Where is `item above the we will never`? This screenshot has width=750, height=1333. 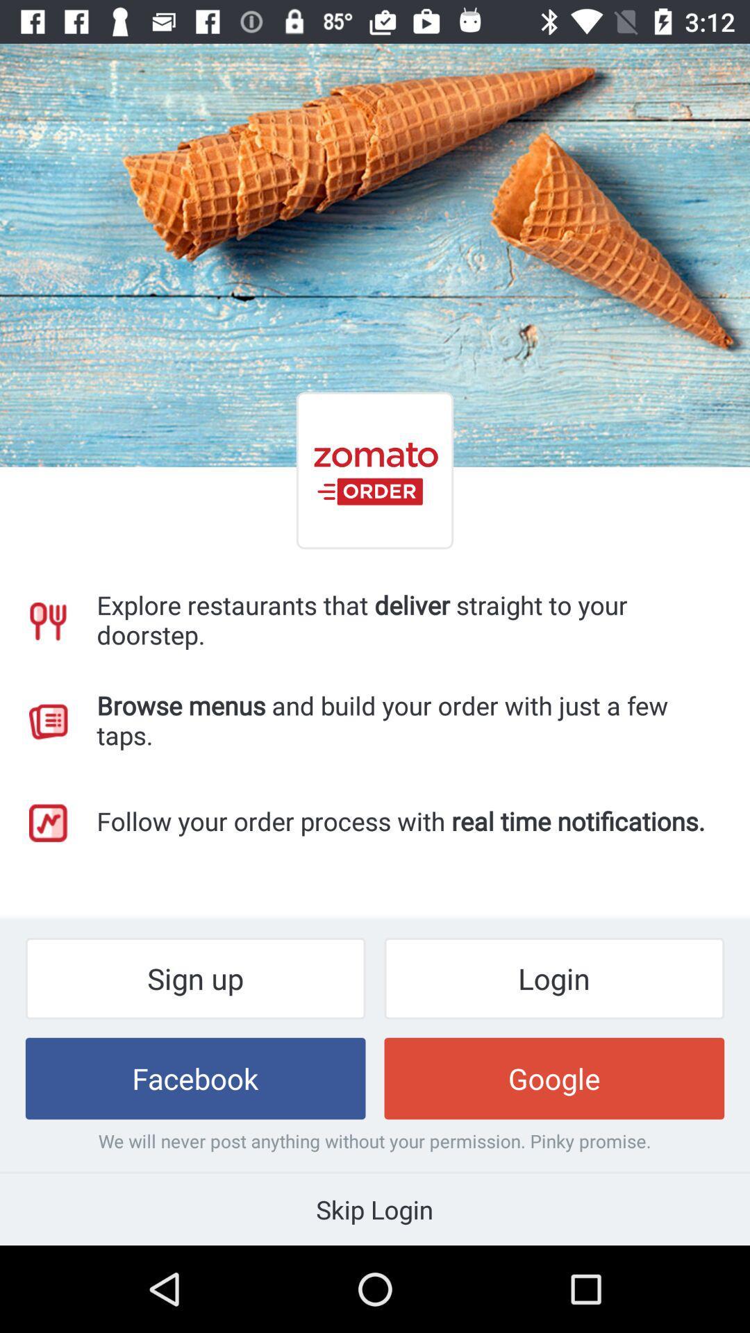
item above the we will never is located at coordinates (195, 1078).